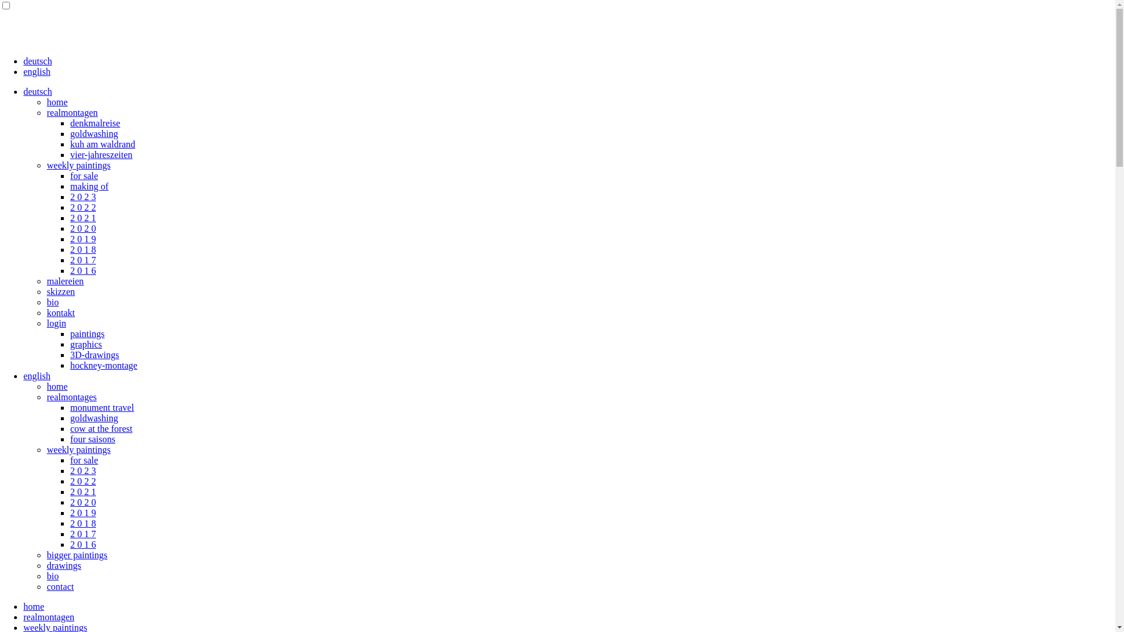  I want to click on '2 0 1 6', so click(70, 544).